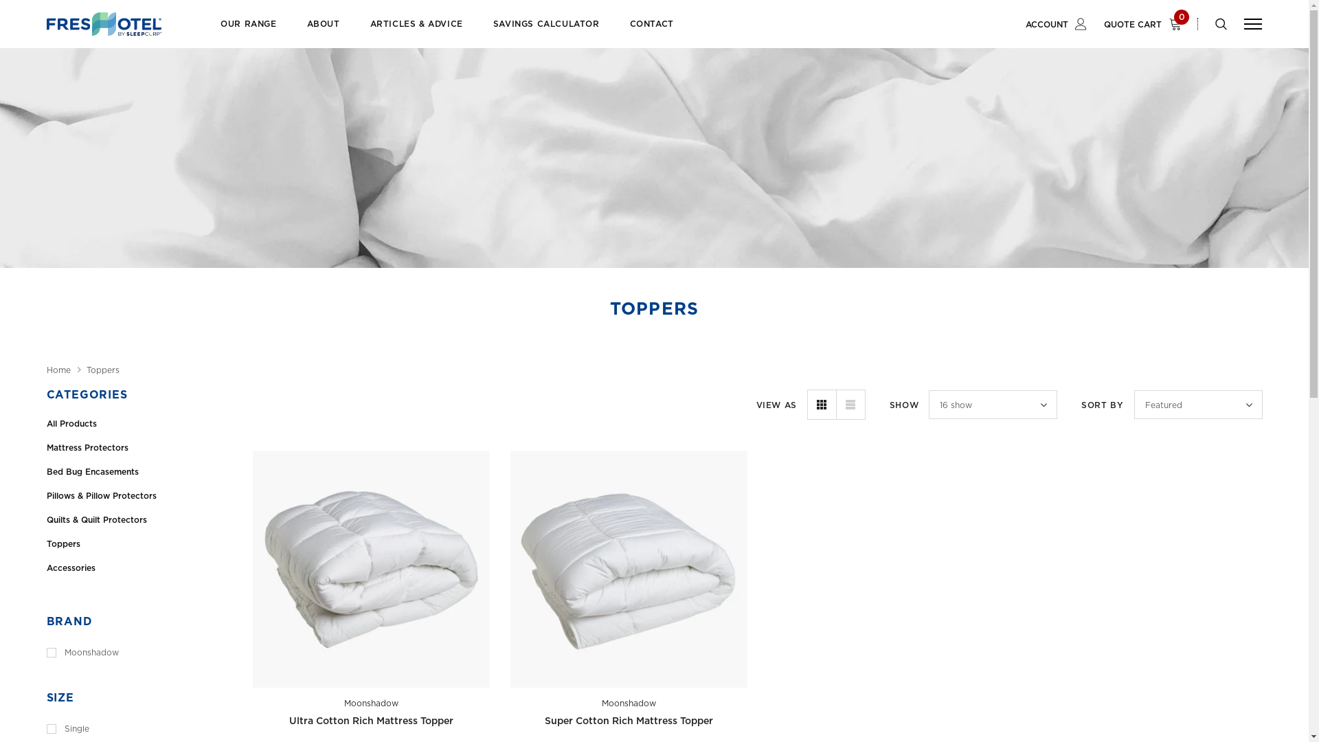 This screenshot has width=1319, height=742. I want to click on 'Pillows & Pillow Protectors', so click(139, 495).